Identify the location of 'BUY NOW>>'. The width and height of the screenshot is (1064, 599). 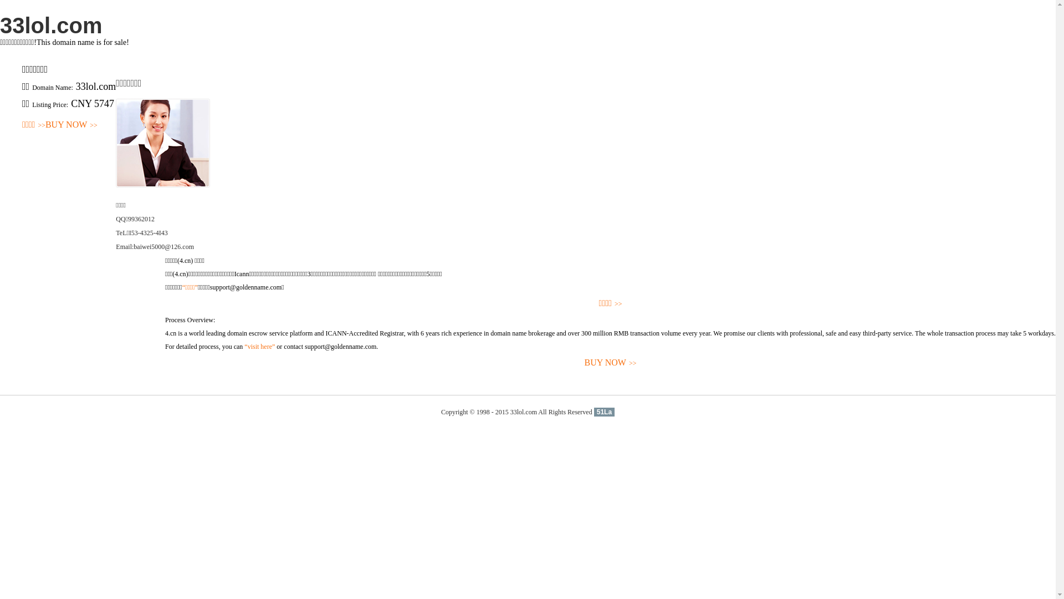
(71, 125).